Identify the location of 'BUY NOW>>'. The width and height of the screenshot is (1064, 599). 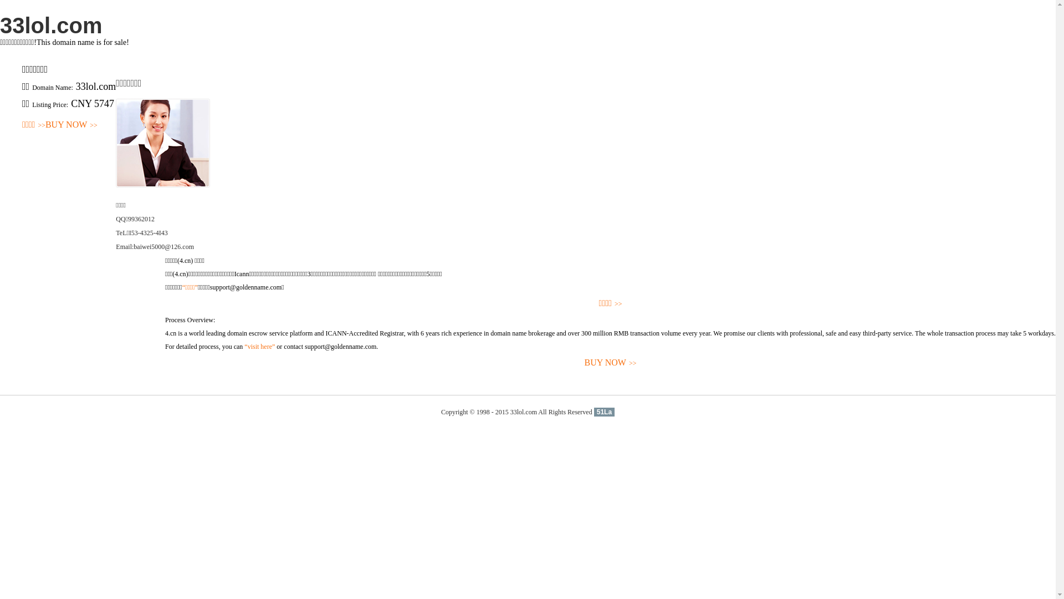
(71, 125).